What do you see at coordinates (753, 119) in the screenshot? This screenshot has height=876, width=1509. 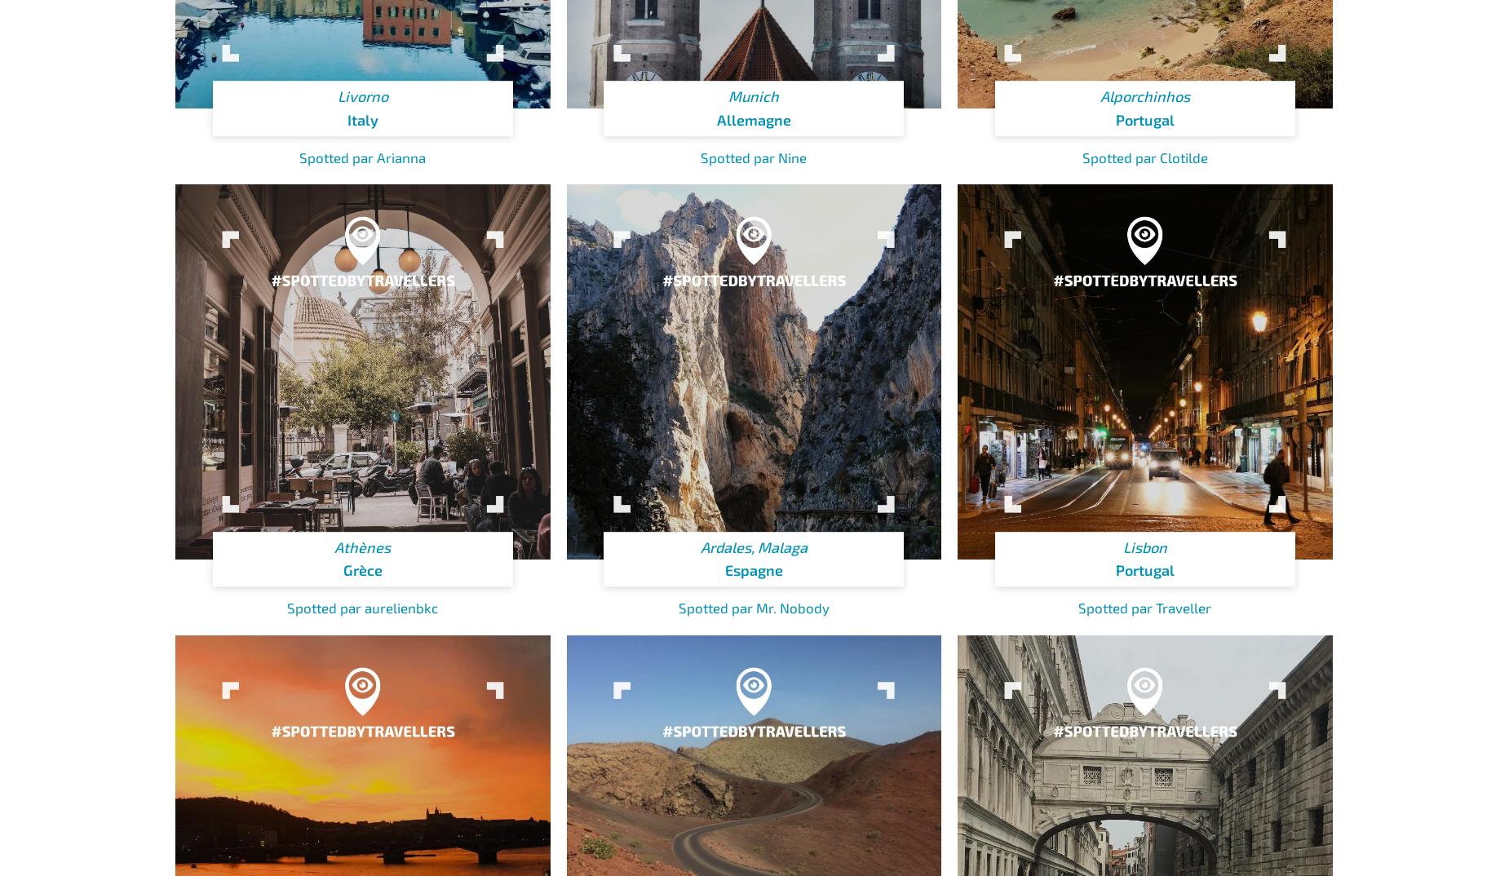 I see `'Allemagne'` at bounding box center [753, 119].